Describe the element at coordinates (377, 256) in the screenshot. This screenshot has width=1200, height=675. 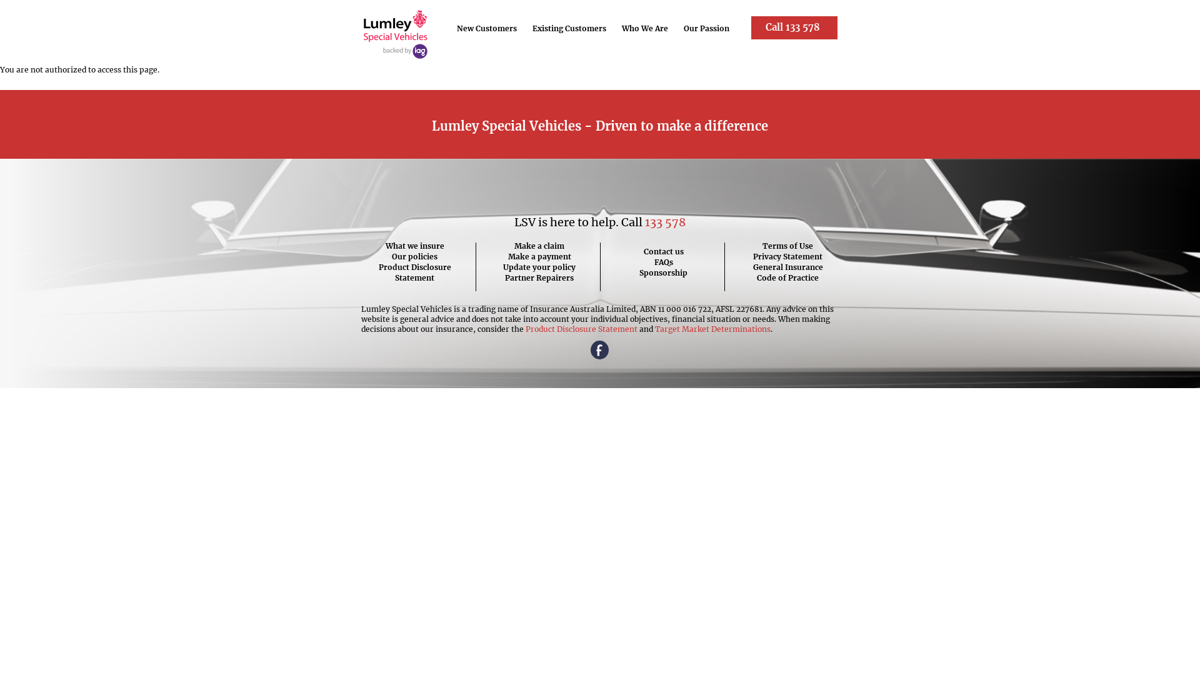
I see `'Our policies'` at that location.